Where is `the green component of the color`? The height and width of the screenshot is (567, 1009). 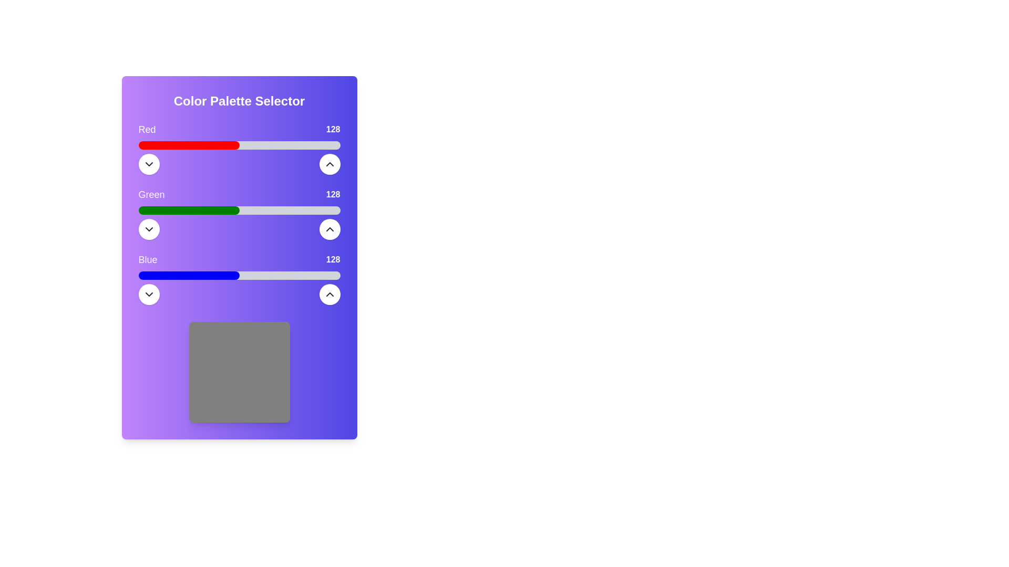 the green component of the color is located at coordinates (213, 211).